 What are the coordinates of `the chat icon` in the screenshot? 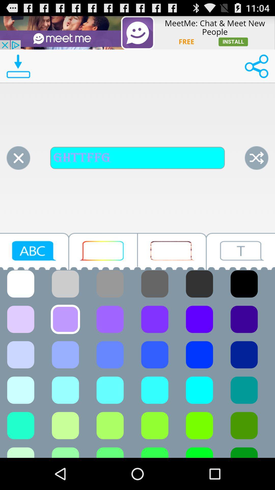 It's located at (103, 269).